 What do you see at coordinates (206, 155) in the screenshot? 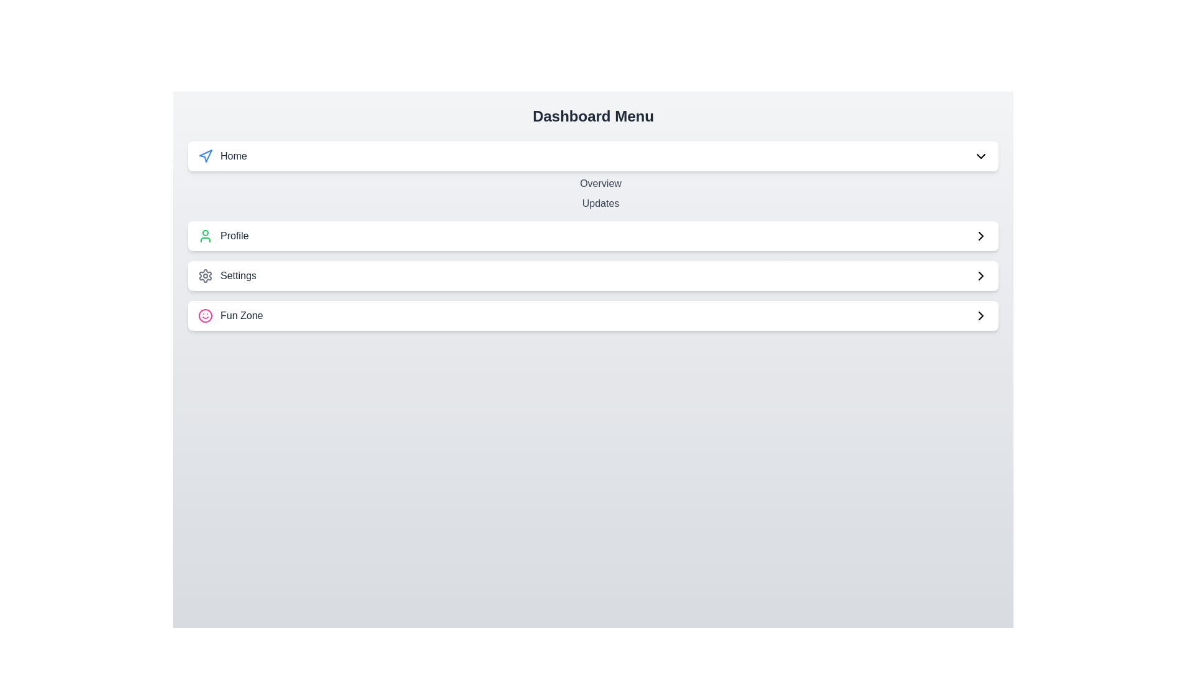
I see `the decorative navigation icon representing the 'Home' menu item, located in the first row of the menu near the left edge` at bounding box center [206, 155].